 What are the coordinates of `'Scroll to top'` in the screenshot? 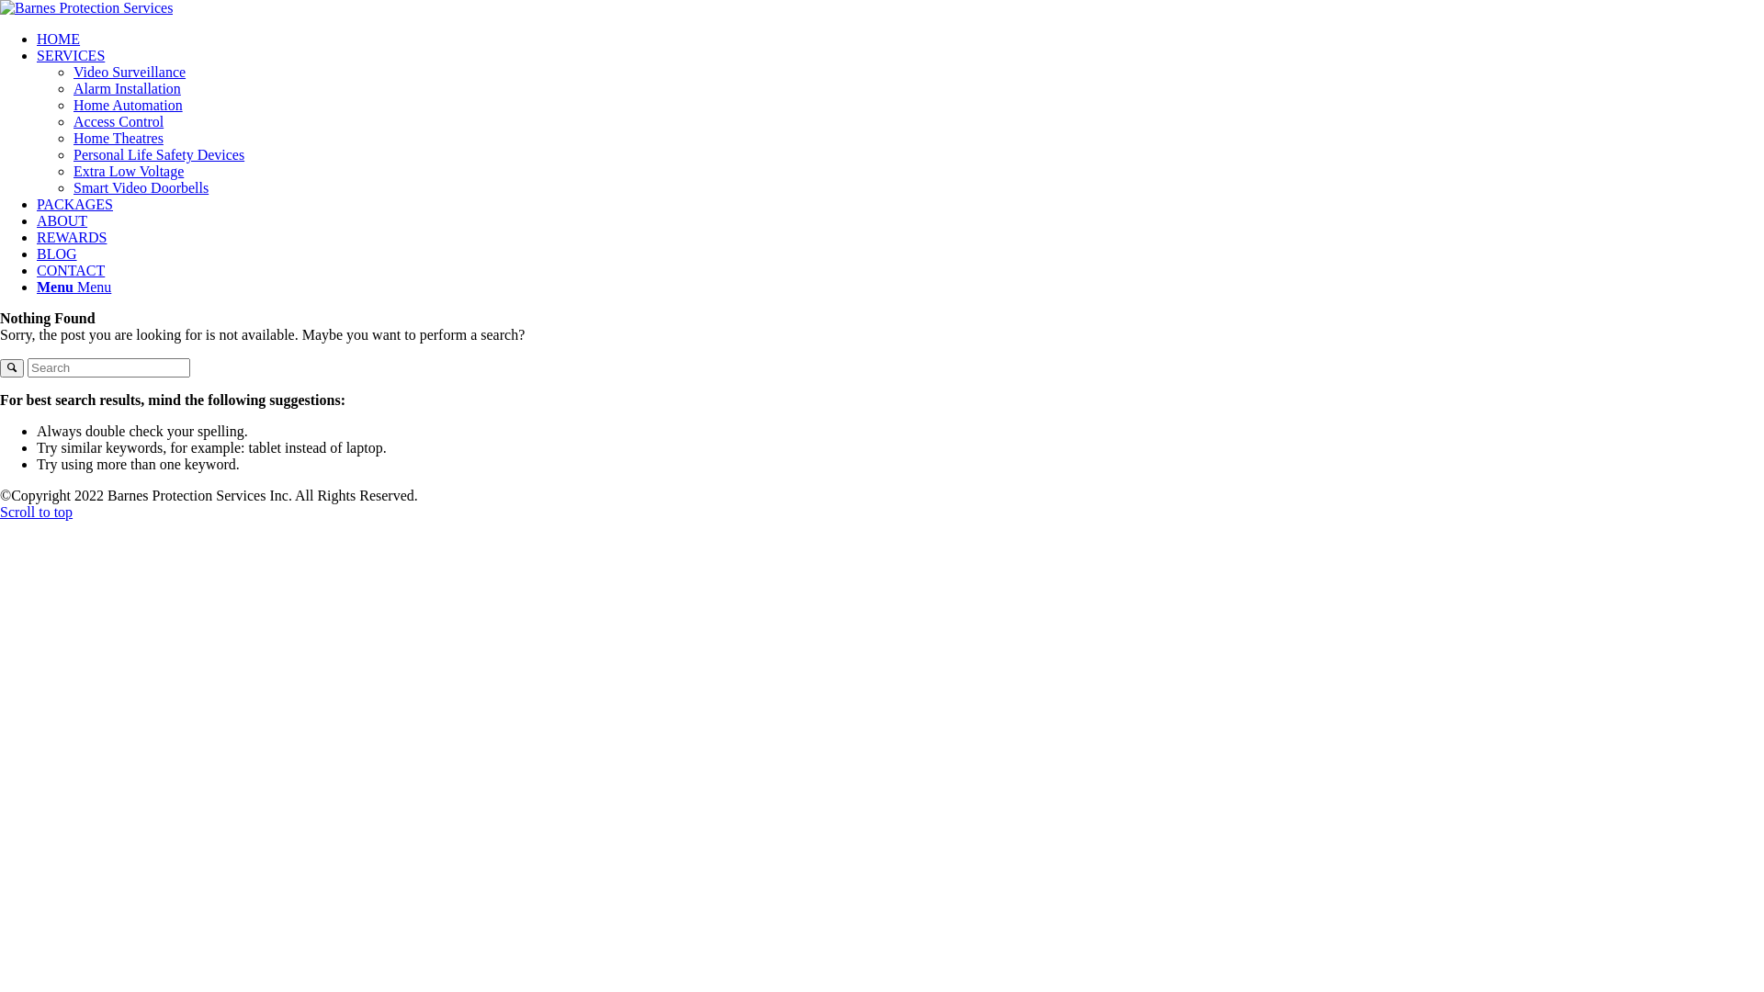 It's located at (36, 512).